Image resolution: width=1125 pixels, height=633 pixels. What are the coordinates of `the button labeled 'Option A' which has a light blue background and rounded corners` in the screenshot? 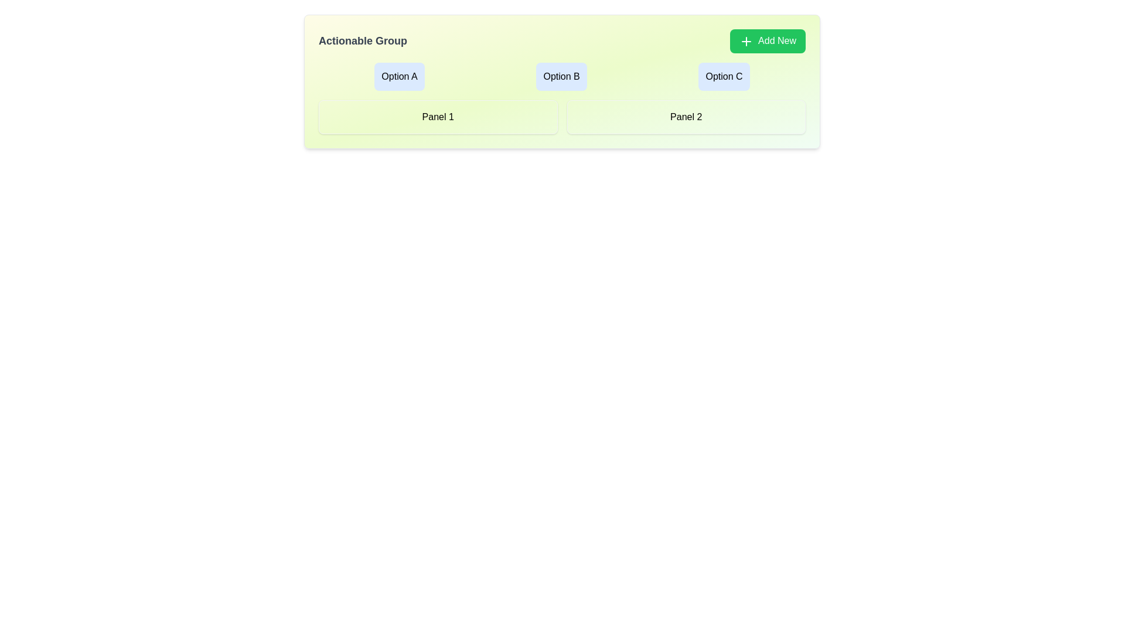 It's located at (399, 76).